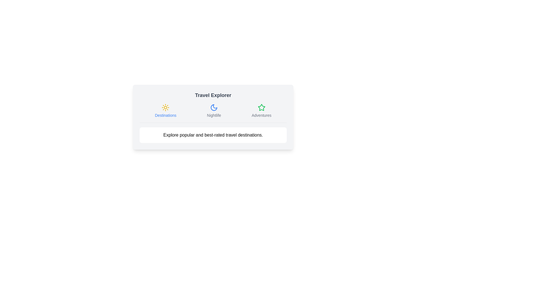 This screenshot has height=301, width=535. Describe the element at coordinates (214, 111) in the screenshot. I see `the tab labeled Nightlife to inspect its icon and label` at that location.